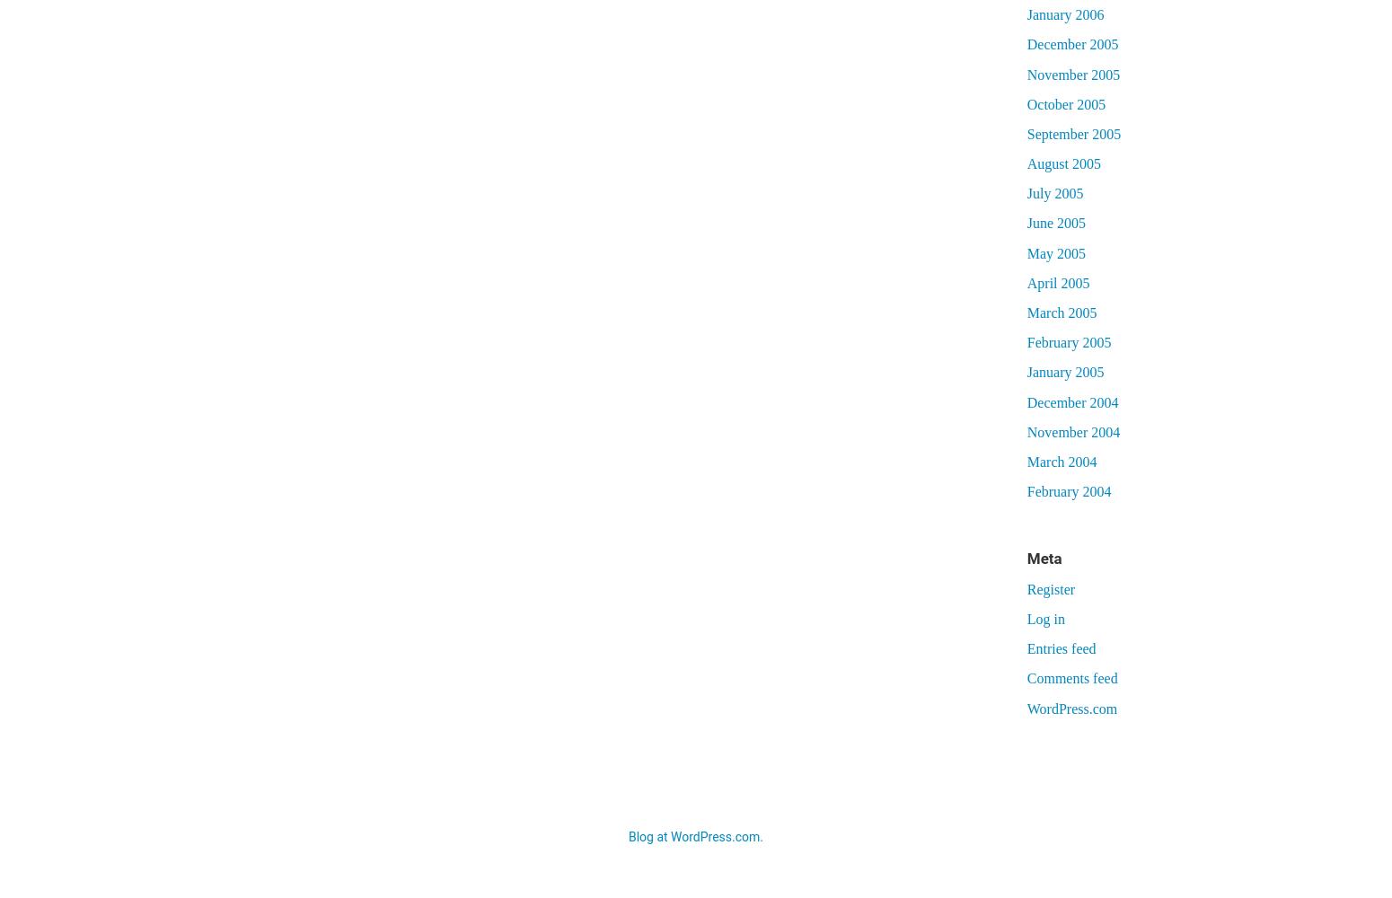 Image resolution: width=1392 pixels, height=898 pixels. Describe the element at coordinates (1054, 192) in the screenshot. I see `'July 2005'` at that location.